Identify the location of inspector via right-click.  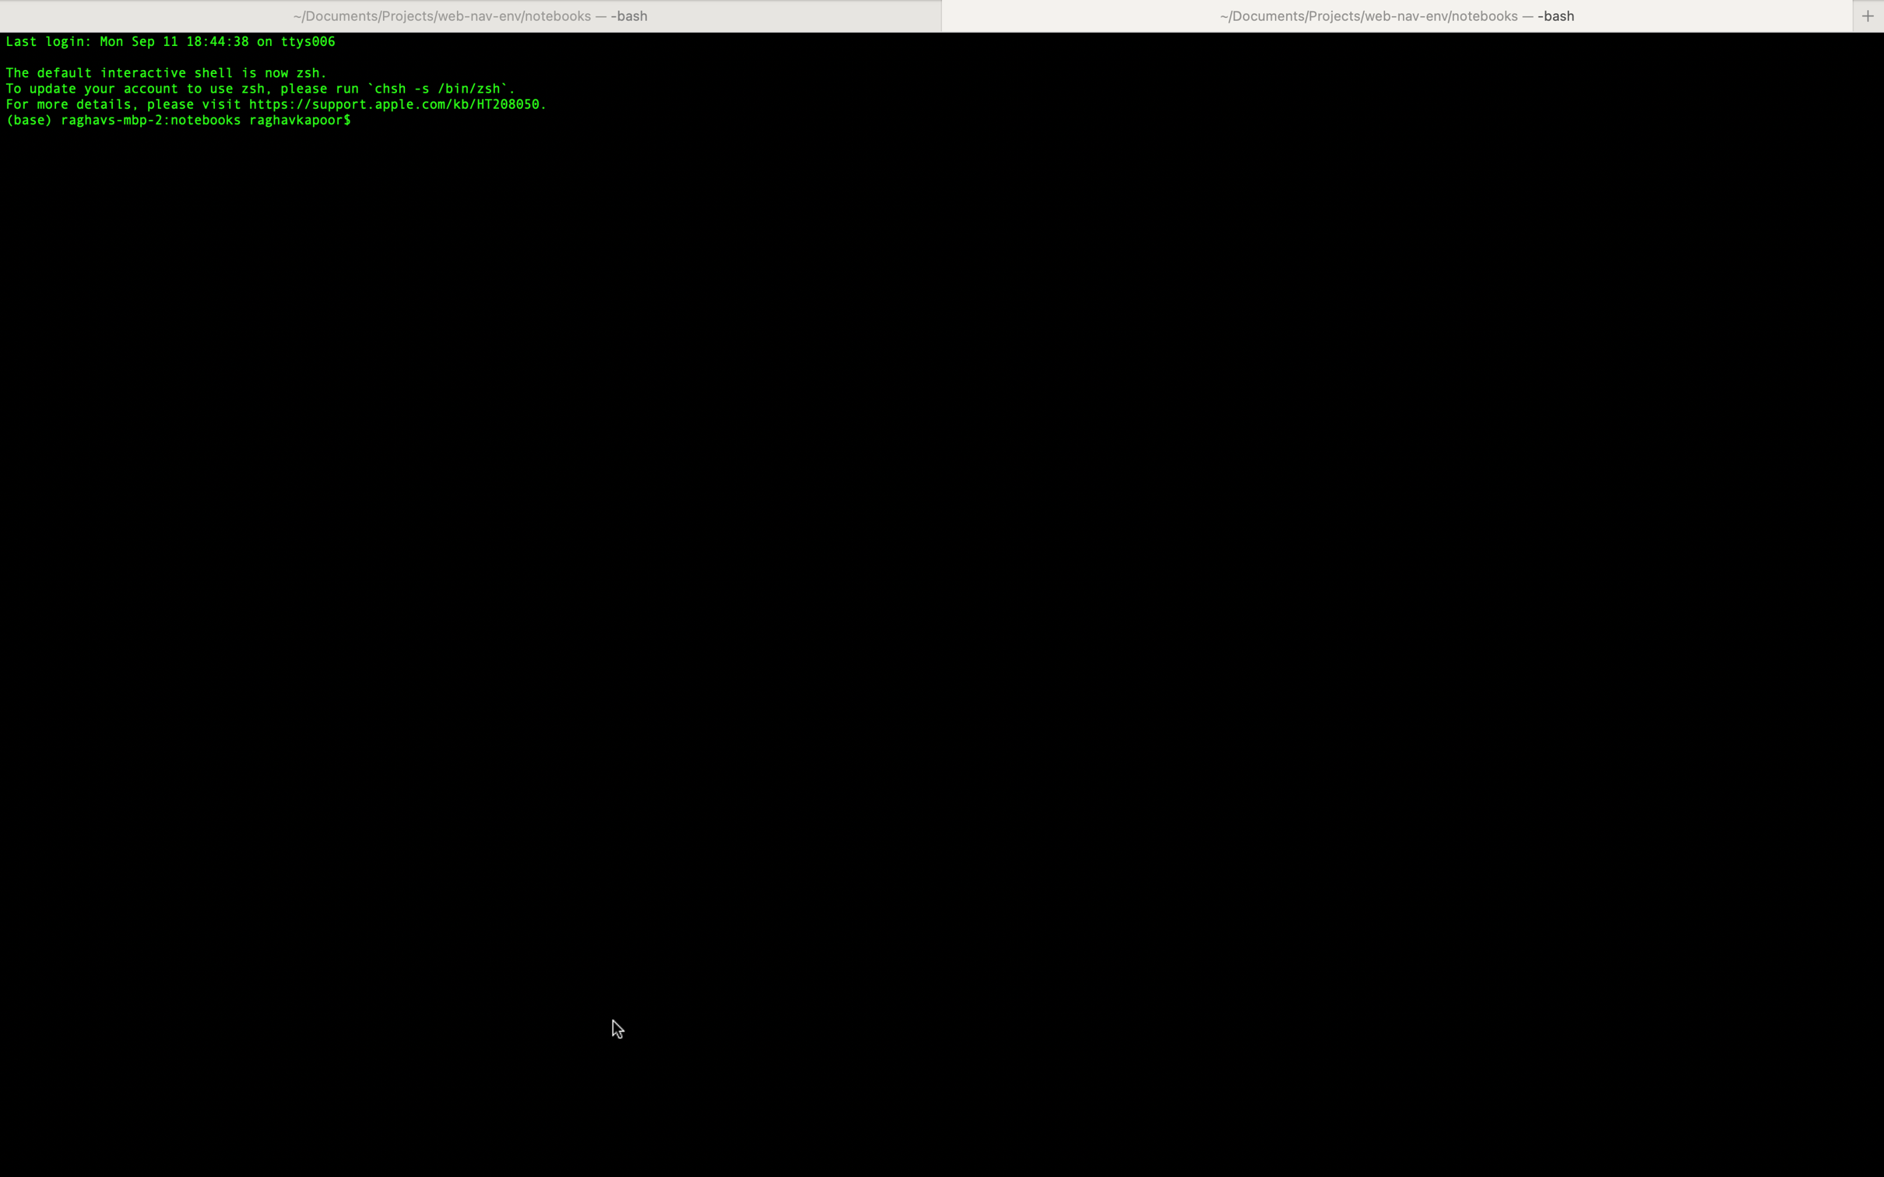
(944, 654).